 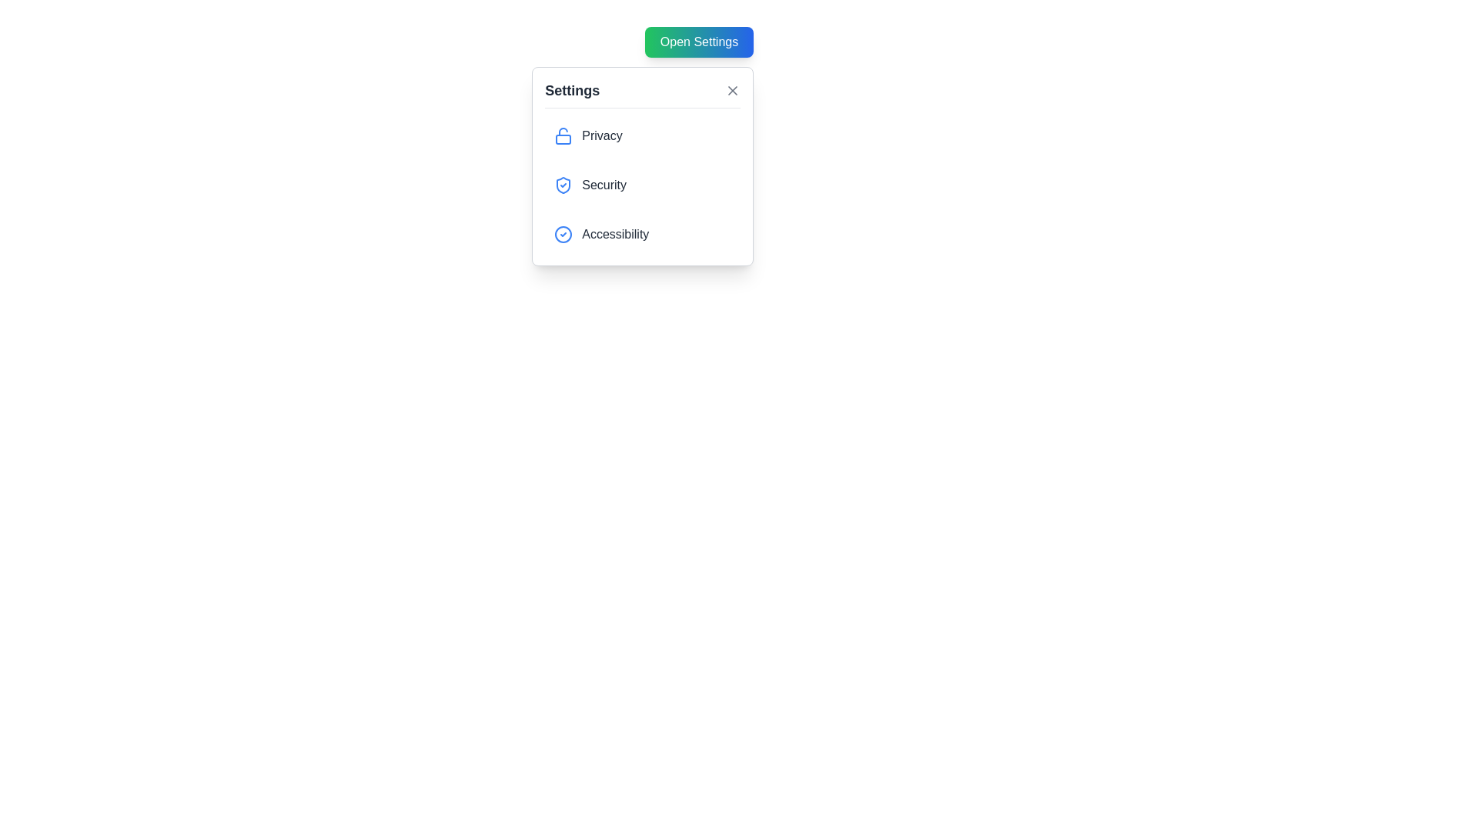 I want to click on the close ('X') button located at the upper-right corner of the 'Settings' modal dialog box, so click(x=732, y=91).